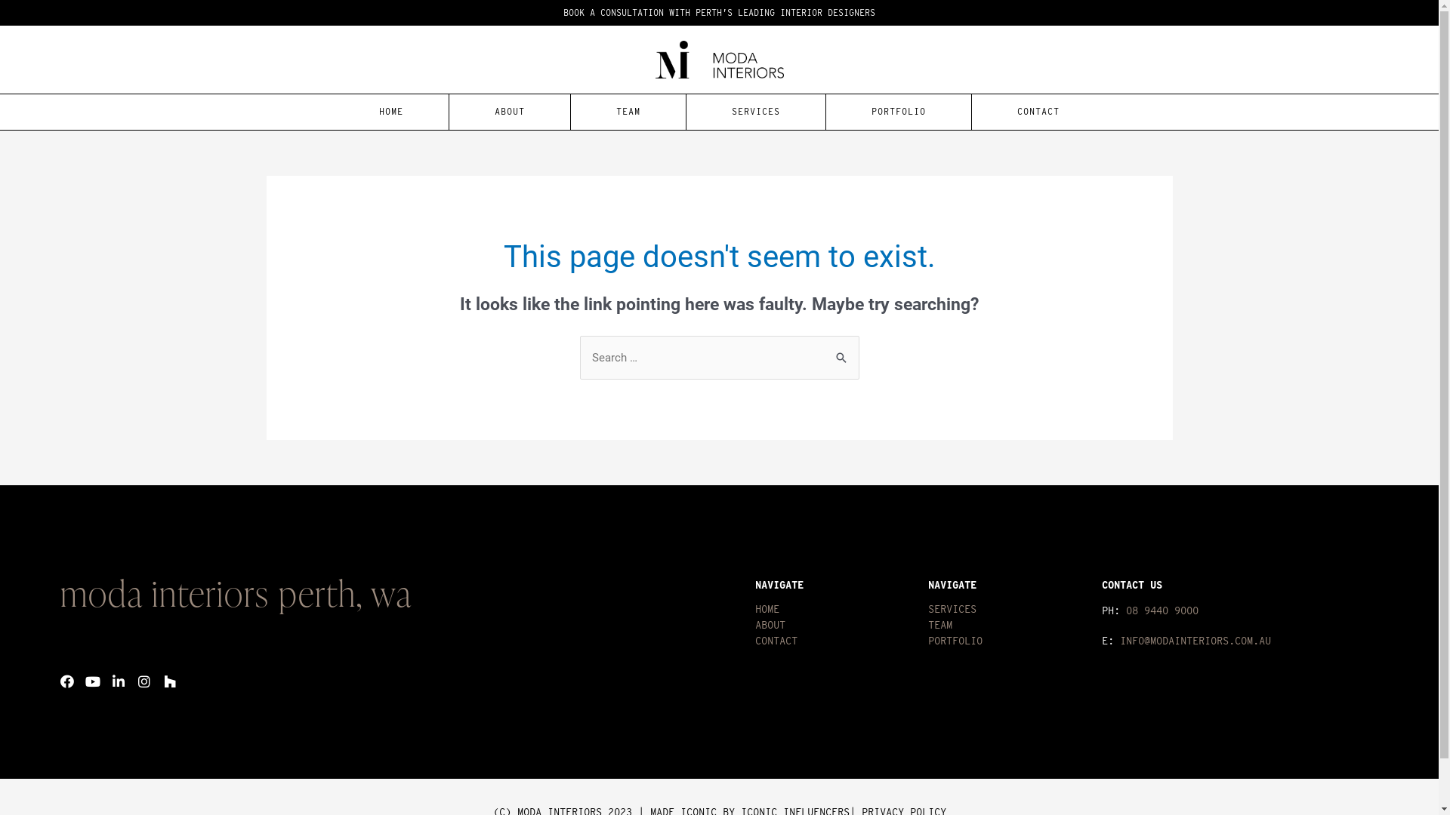 The height and width of the screenshot is (815, 1450). I want to click on 'ABOUT', so click(833, 625).